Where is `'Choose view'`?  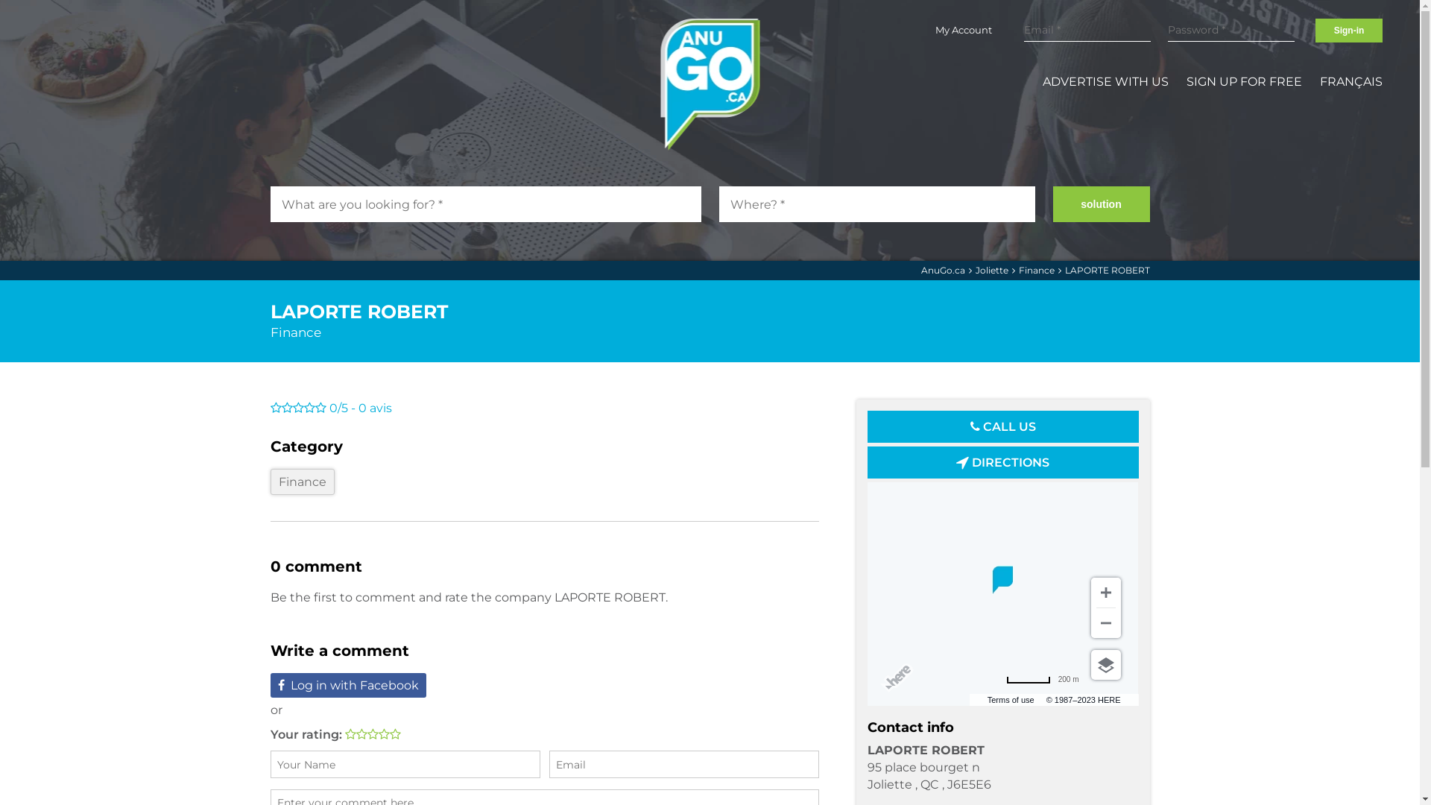 'Choose view' is located at coordinates (1091, 663).